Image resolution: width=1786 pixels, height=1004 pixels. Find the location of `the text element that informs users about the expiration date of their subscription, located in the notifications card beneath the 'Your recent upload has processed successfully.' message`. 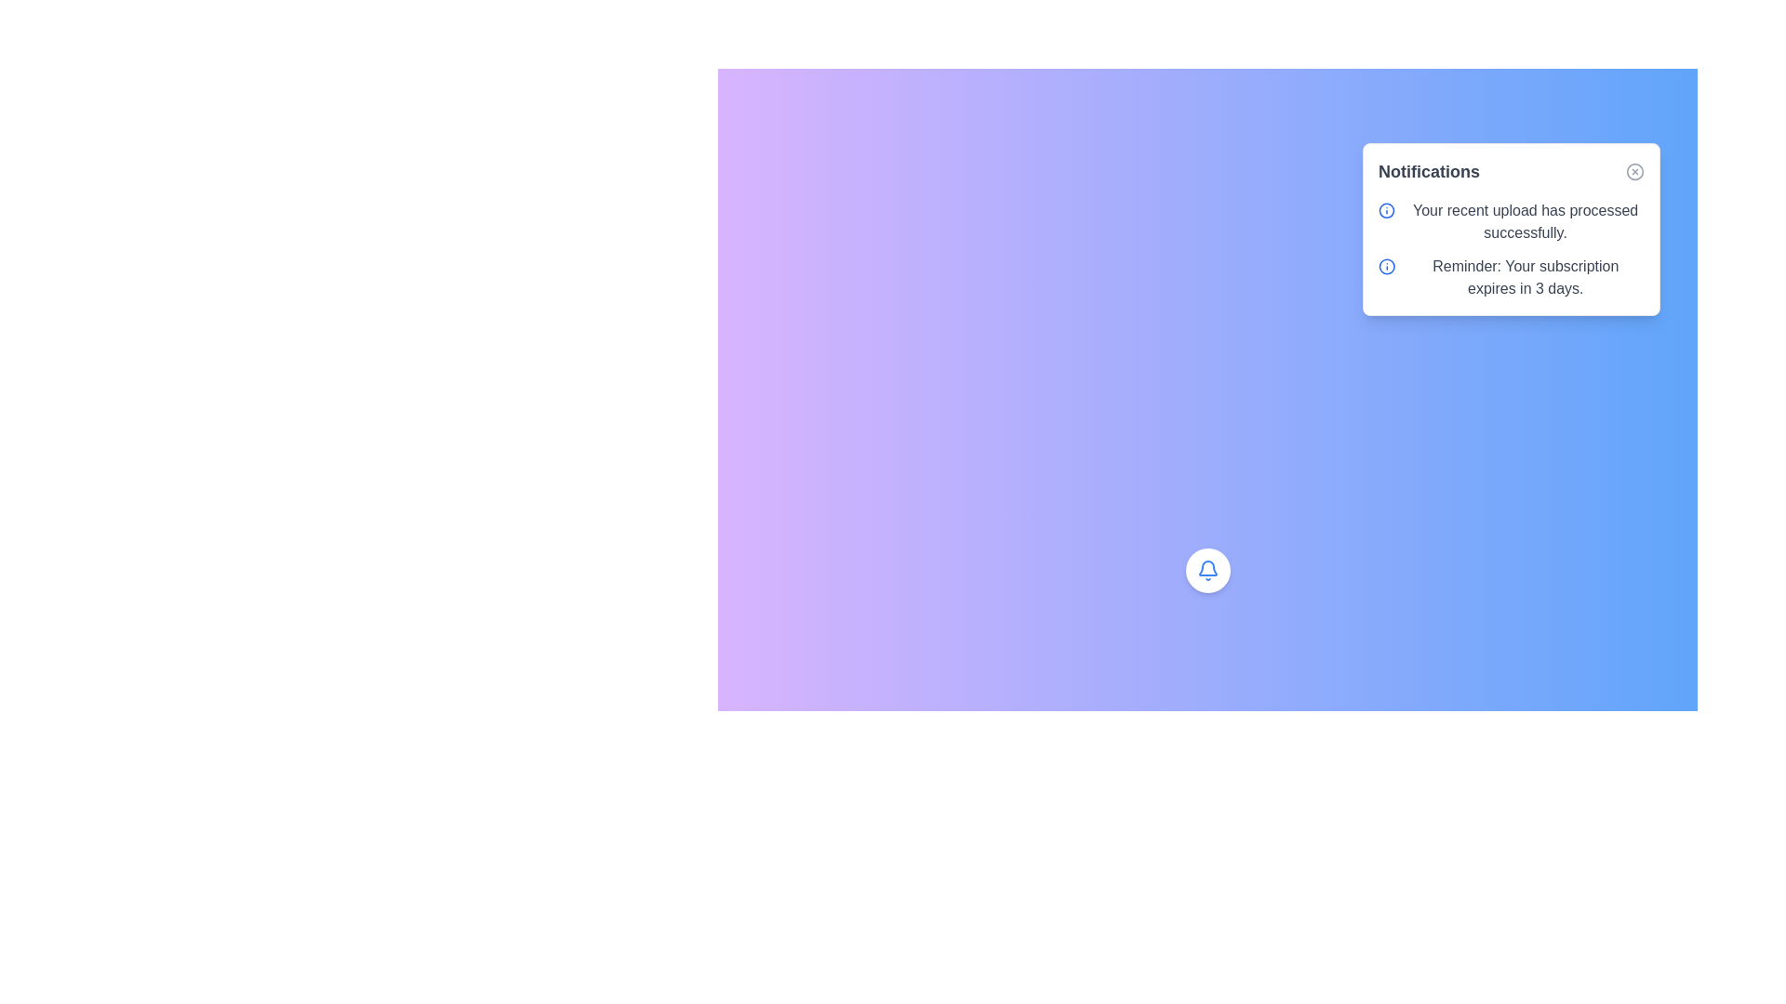

the text element that informs users about the expiration date of their subscription, located in the notifications card beneath the 'Your recent upload has processed successfully.' message is located at coordinates (1526, 278).